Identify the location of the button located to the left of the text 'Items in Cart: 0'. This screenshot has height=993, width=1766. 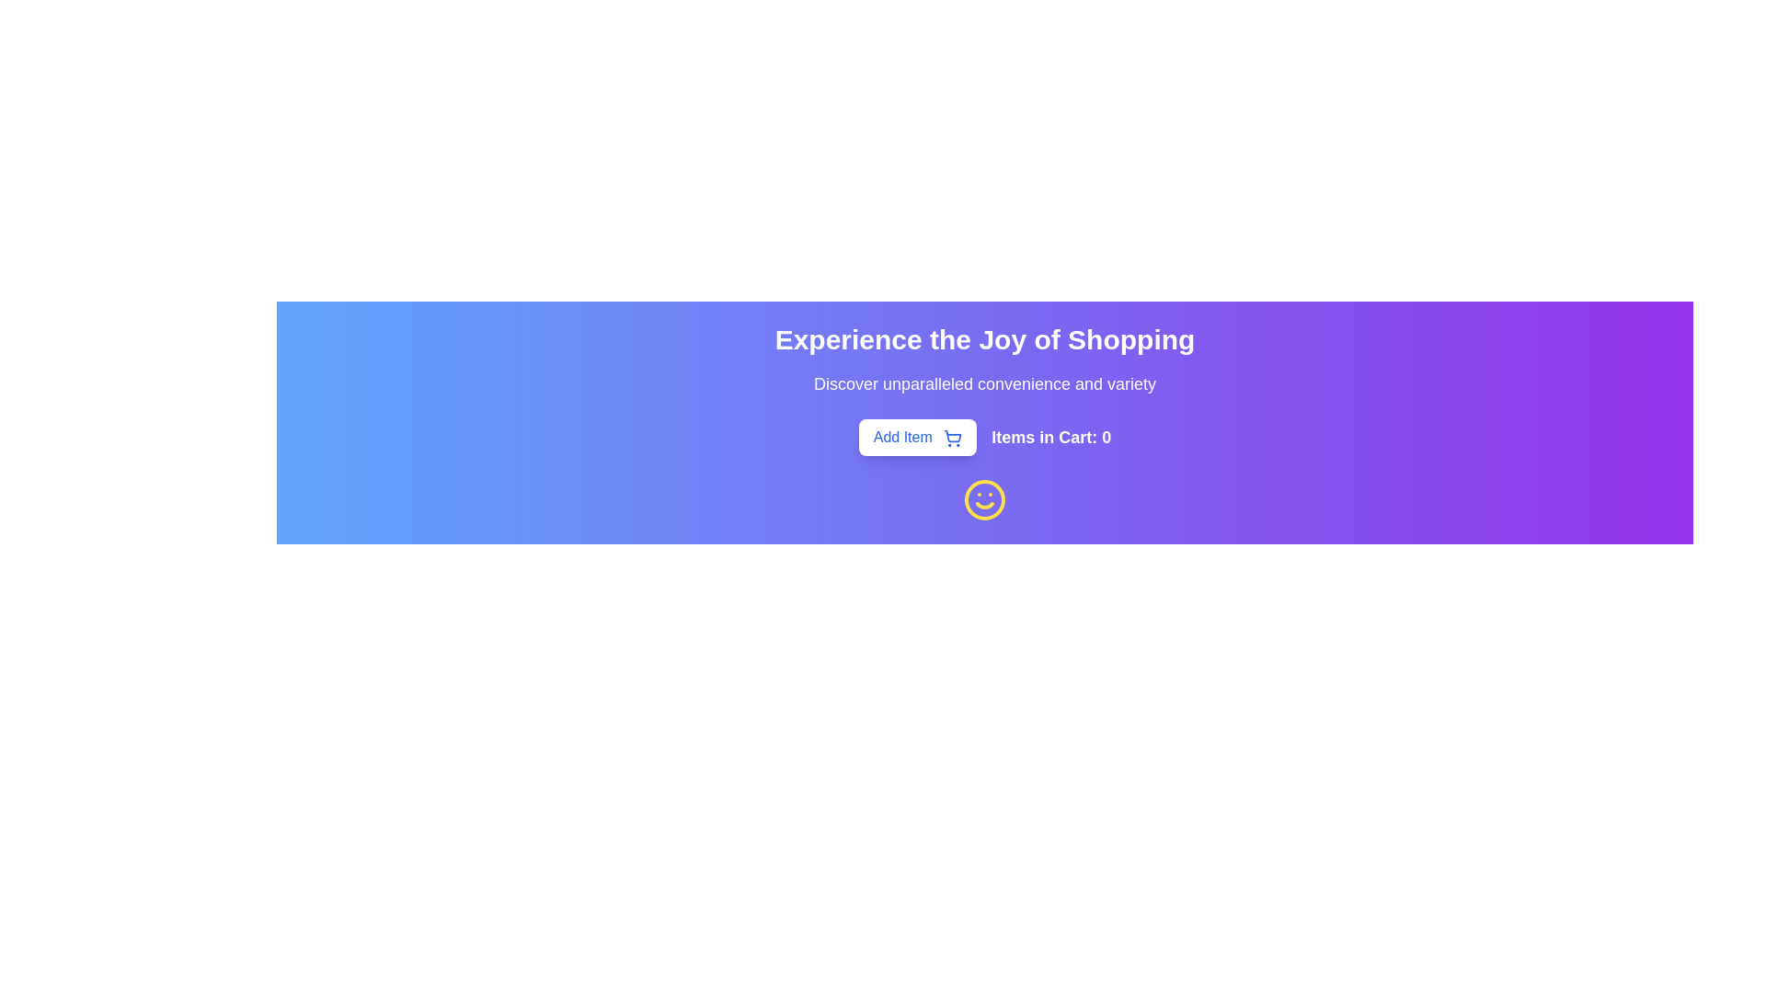
(918, 437).